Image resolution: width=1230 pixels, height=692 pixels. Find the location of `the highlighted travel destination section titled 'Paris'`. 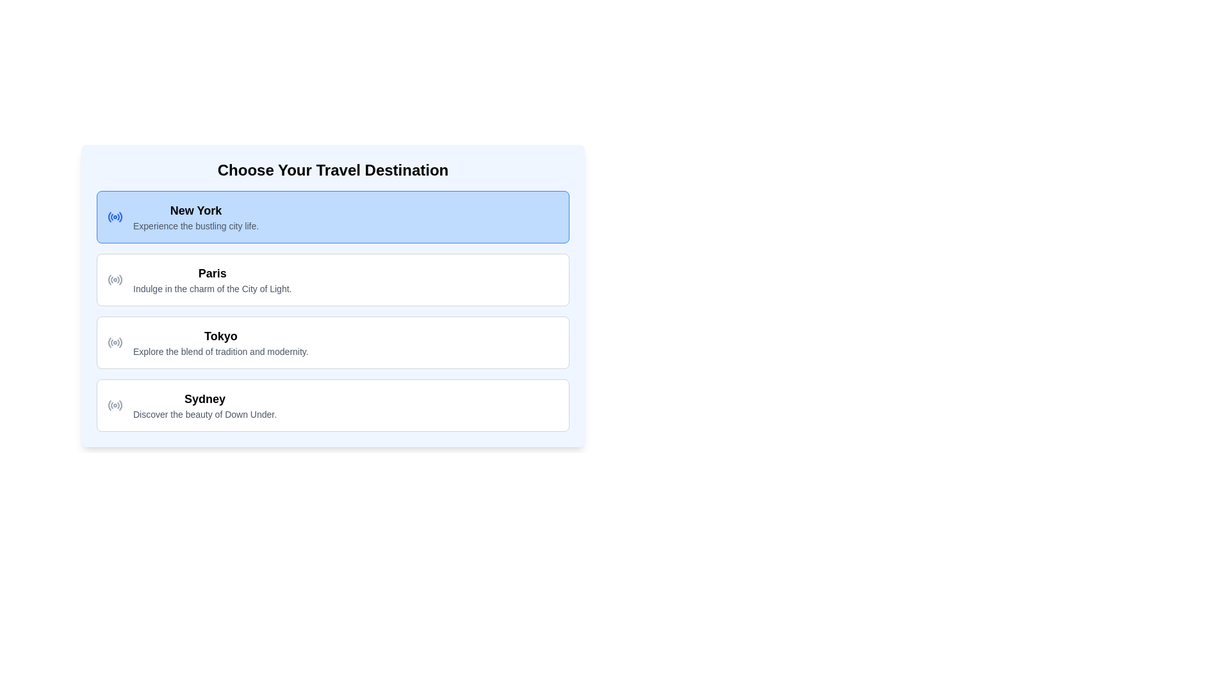

the highlighted travel destination section titled 'Paris' is located at coordinates (332, 291).